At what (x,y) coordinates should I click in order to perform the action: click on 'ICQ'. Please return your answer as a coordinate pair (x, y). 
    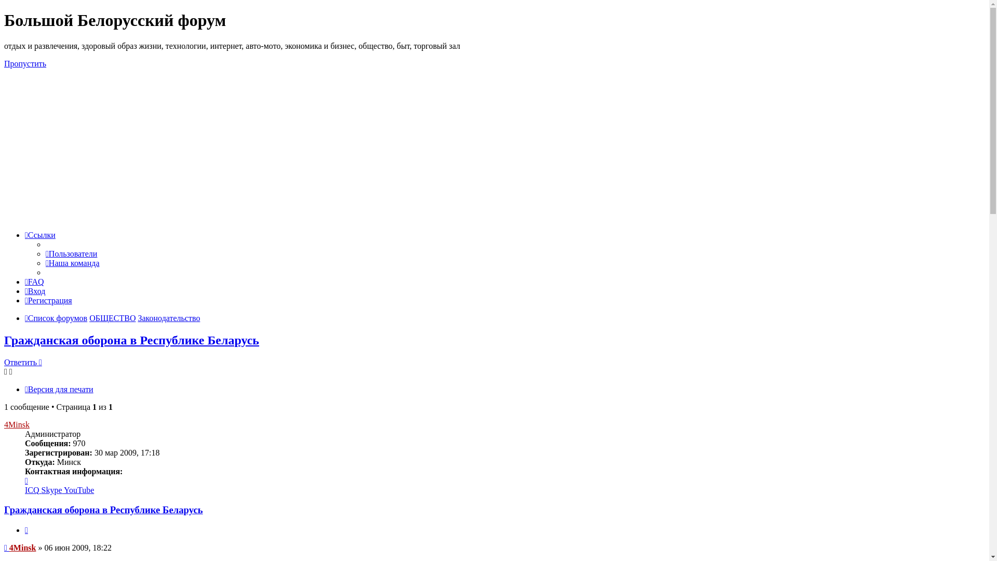
    Looking at the image, I should click on (33, 490).